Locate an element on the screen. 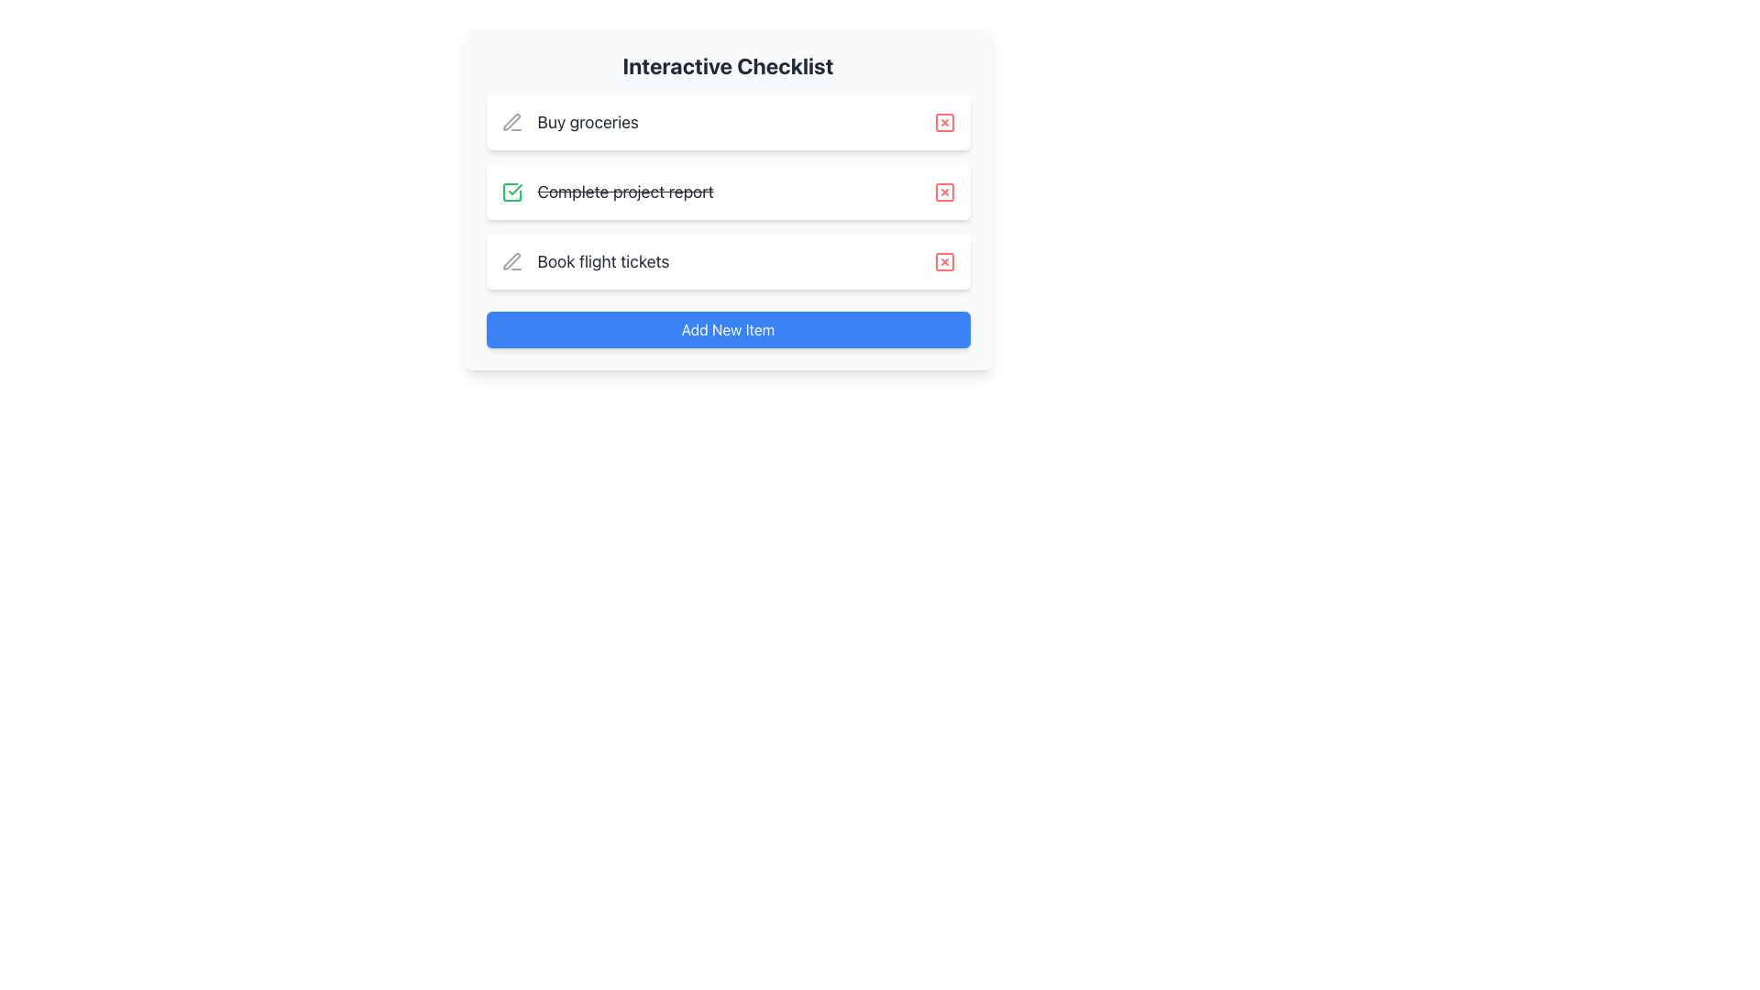 The width and height of the screenshot is (1760, 990). the 'Complete project report' text label, which is styled with a line-through effect and is located in the checklist interface between a green check icon and a red delete button is located at coordinates (625, 192).